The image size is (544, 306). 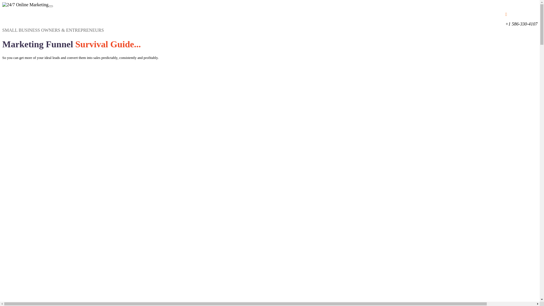 What do you see at coordinates (50, 6) in the screenshot?
I see `'Toggle navigation'` at bounding box center [50, 6].